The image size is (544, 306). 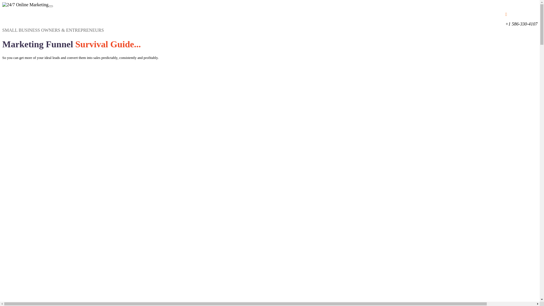 What do you see at coordinates (50, 6) in the screenshot?
I see `'Toggle navigation'` at bounding box center [50, 6].